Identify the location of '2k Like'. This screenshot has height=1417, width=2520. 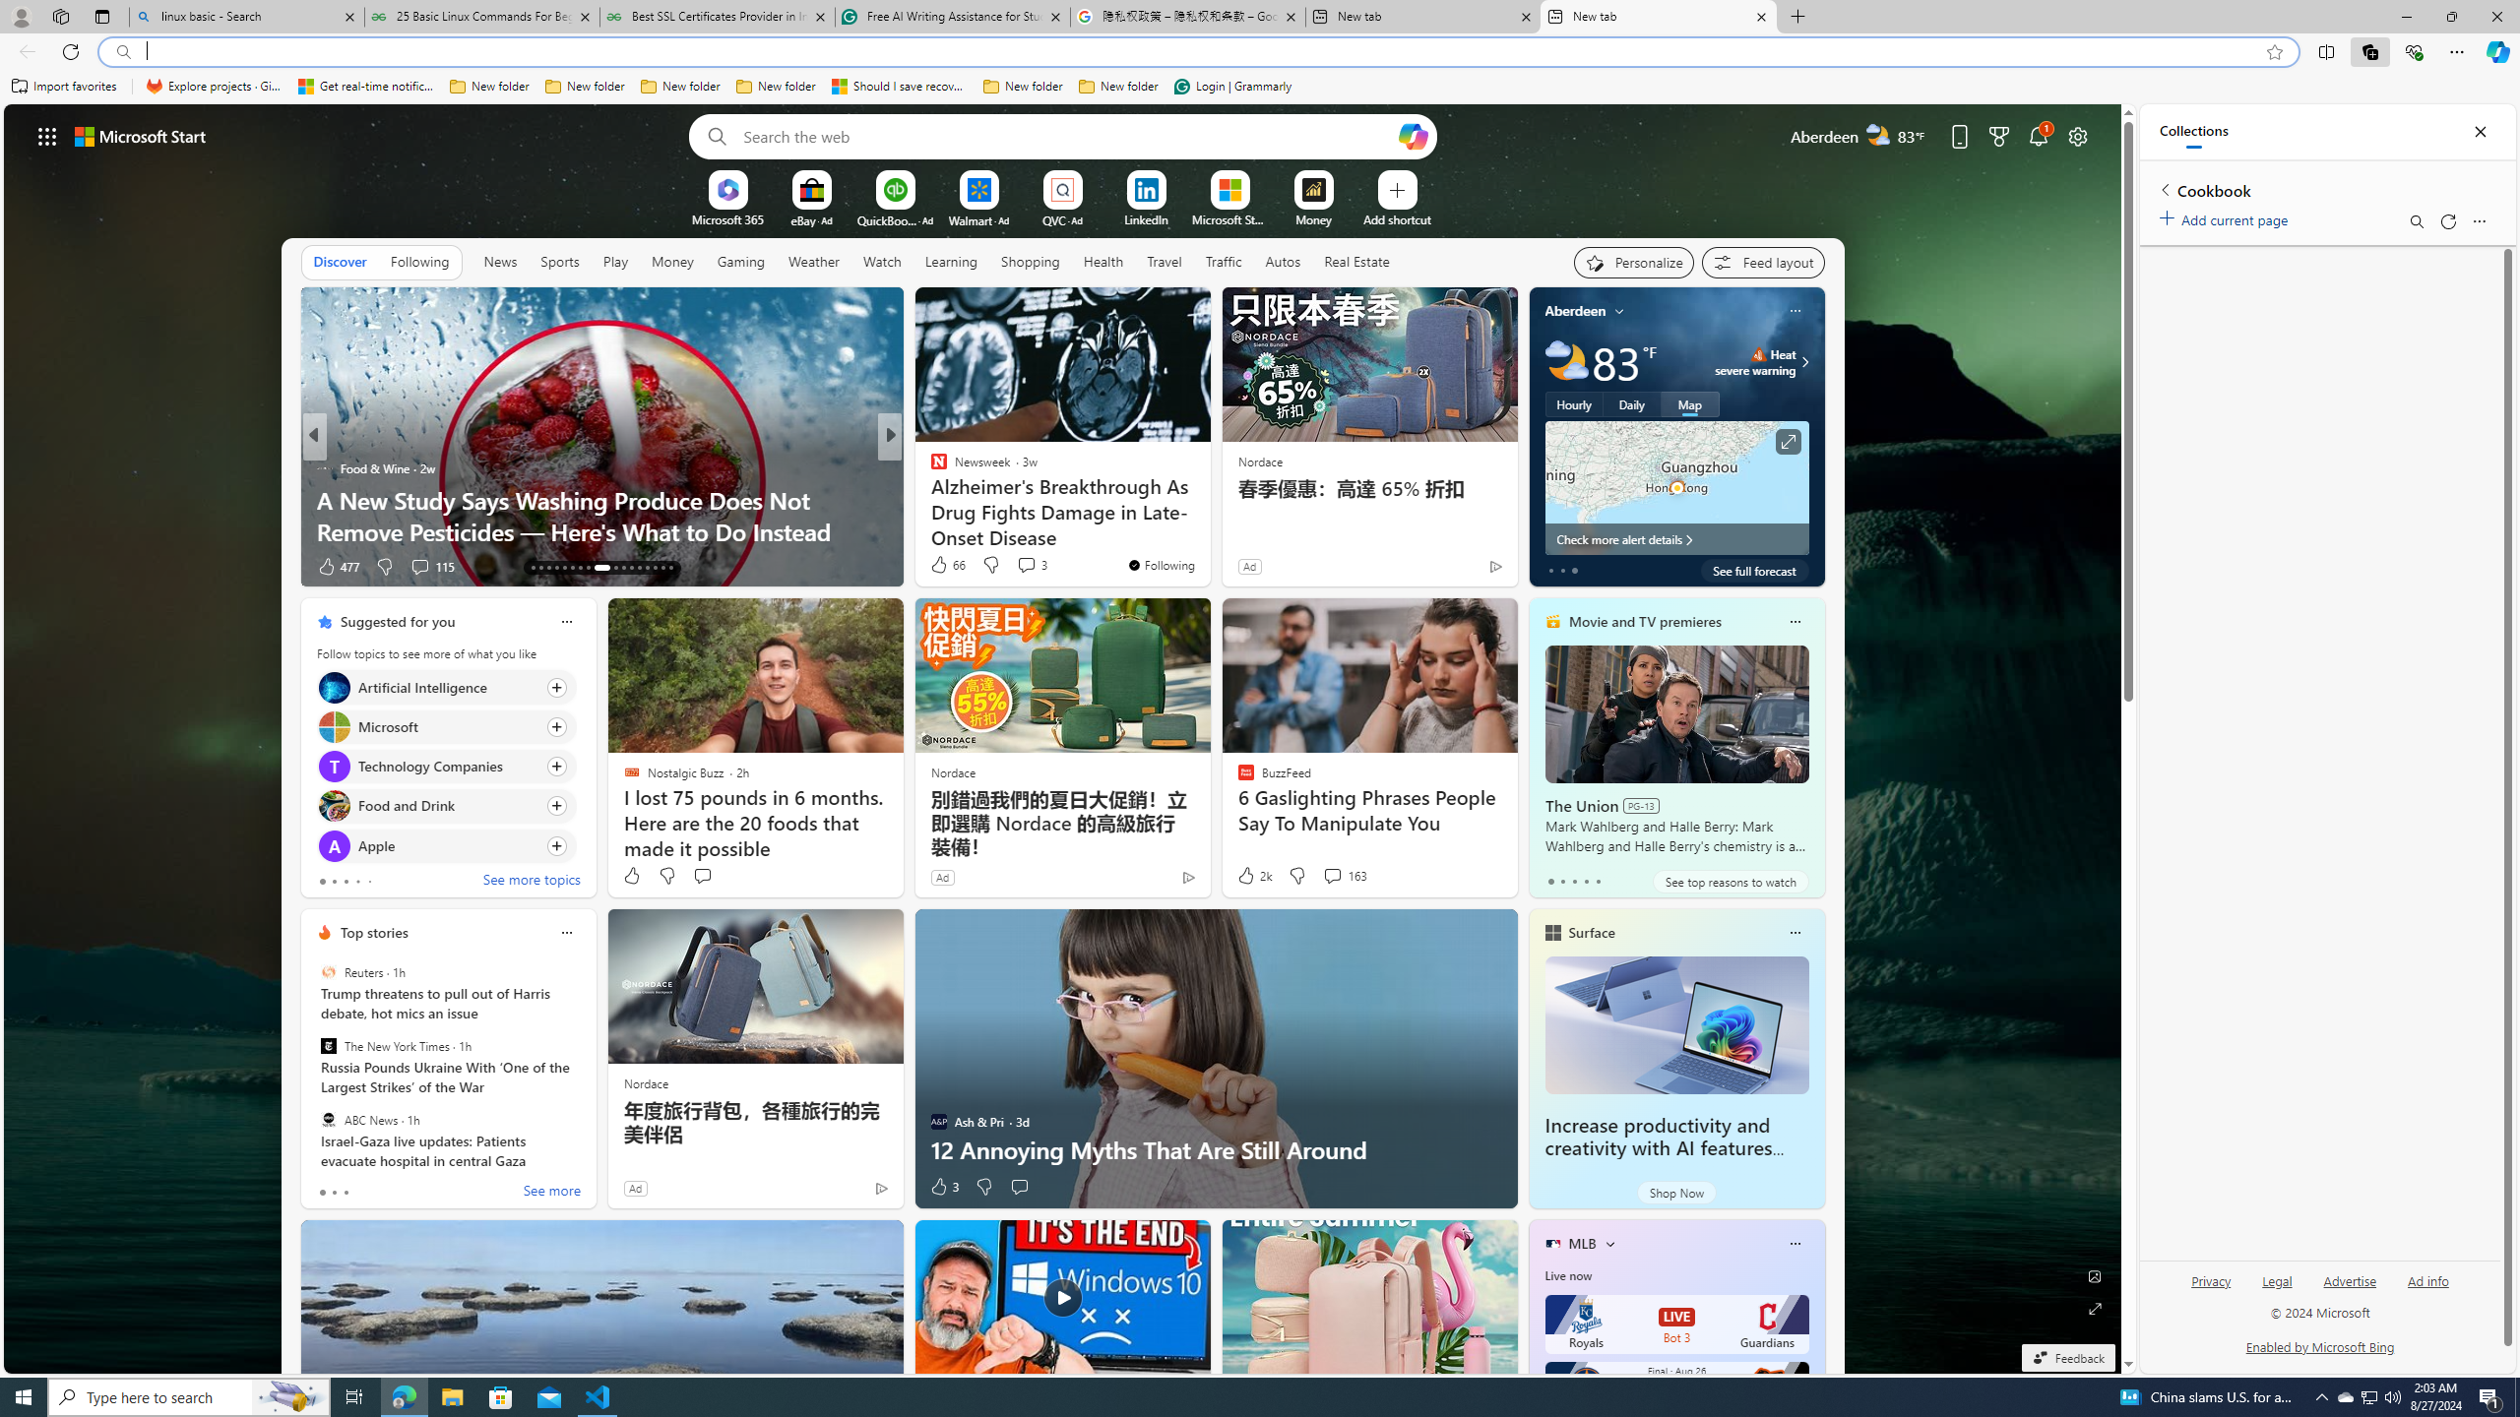
(1252, 874).